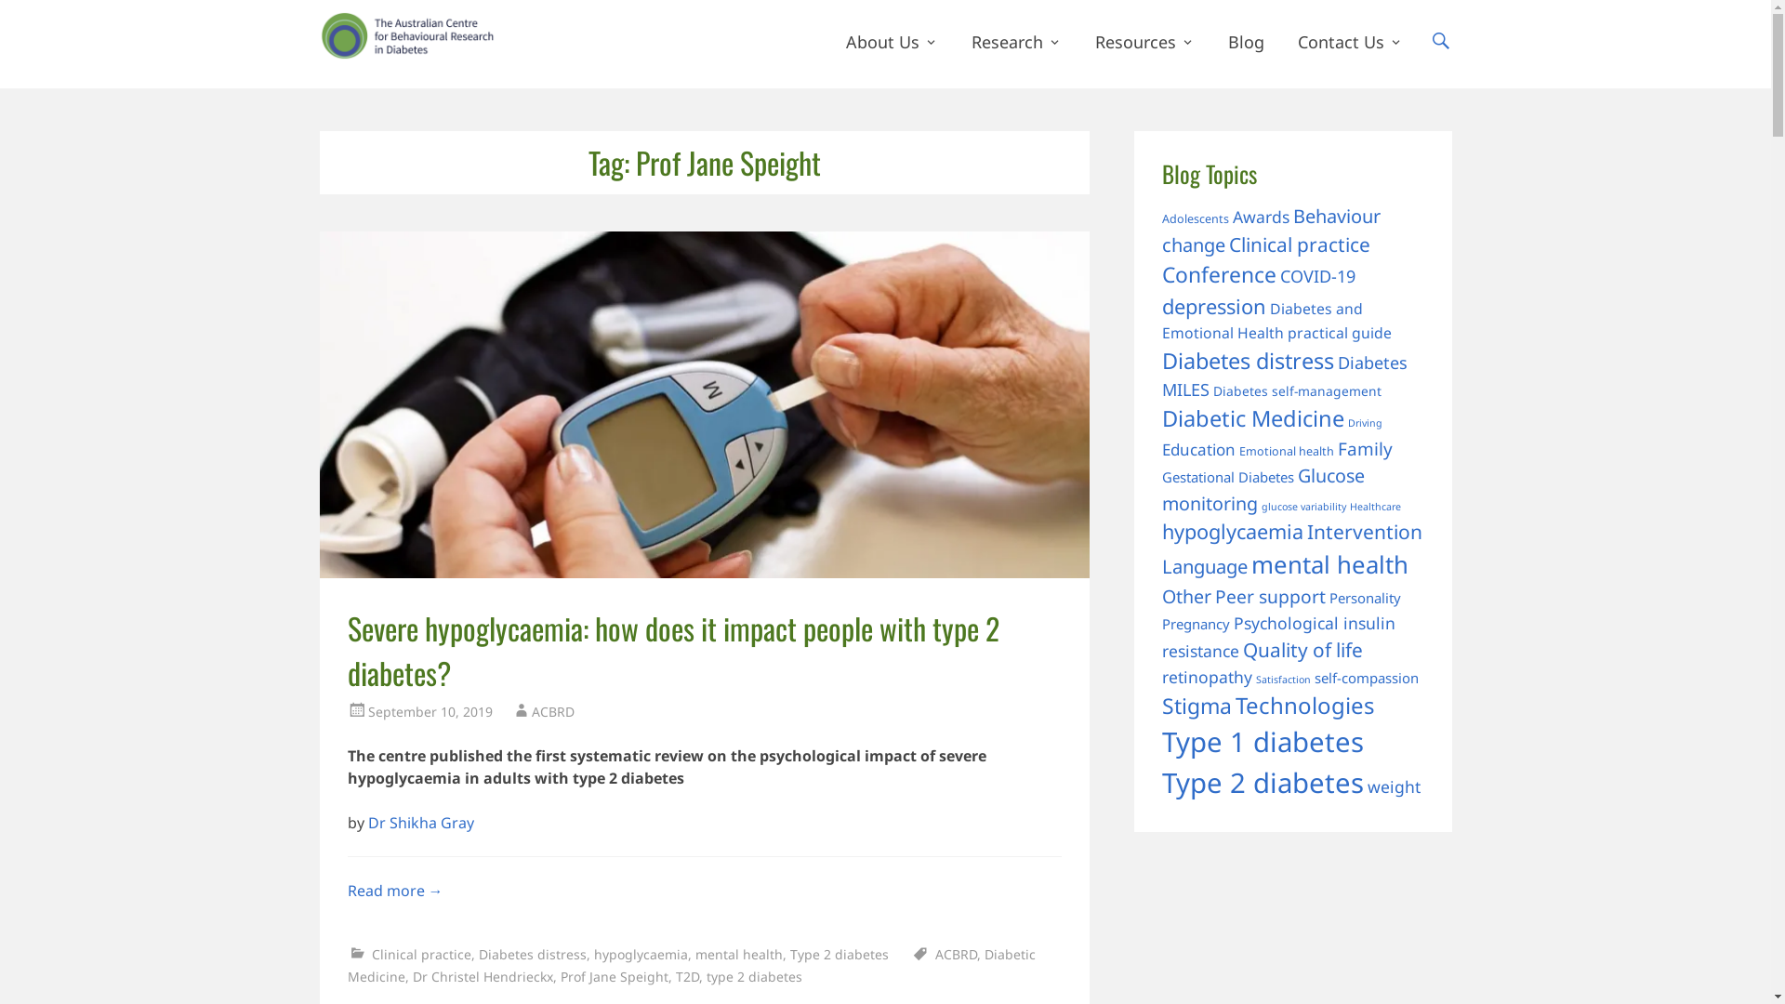 The width and height of the screenshot is (1785, 1004). What do you see at coordinates (1160, 476) in the screenshot?
I see `'Gestational Diabetes'` at bounding box center [1160, 476].